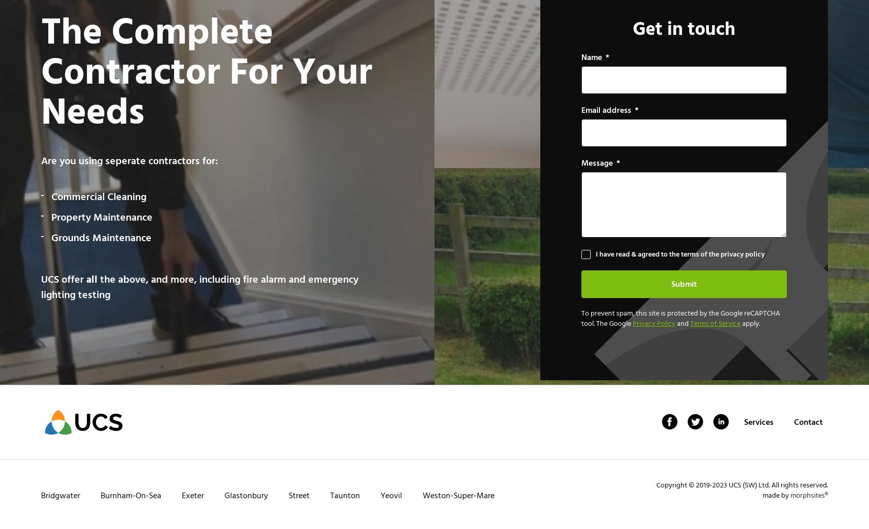  Describe the element at coordinates (380, 495) in the screenshot. I see `'Yeovil'` at that location.